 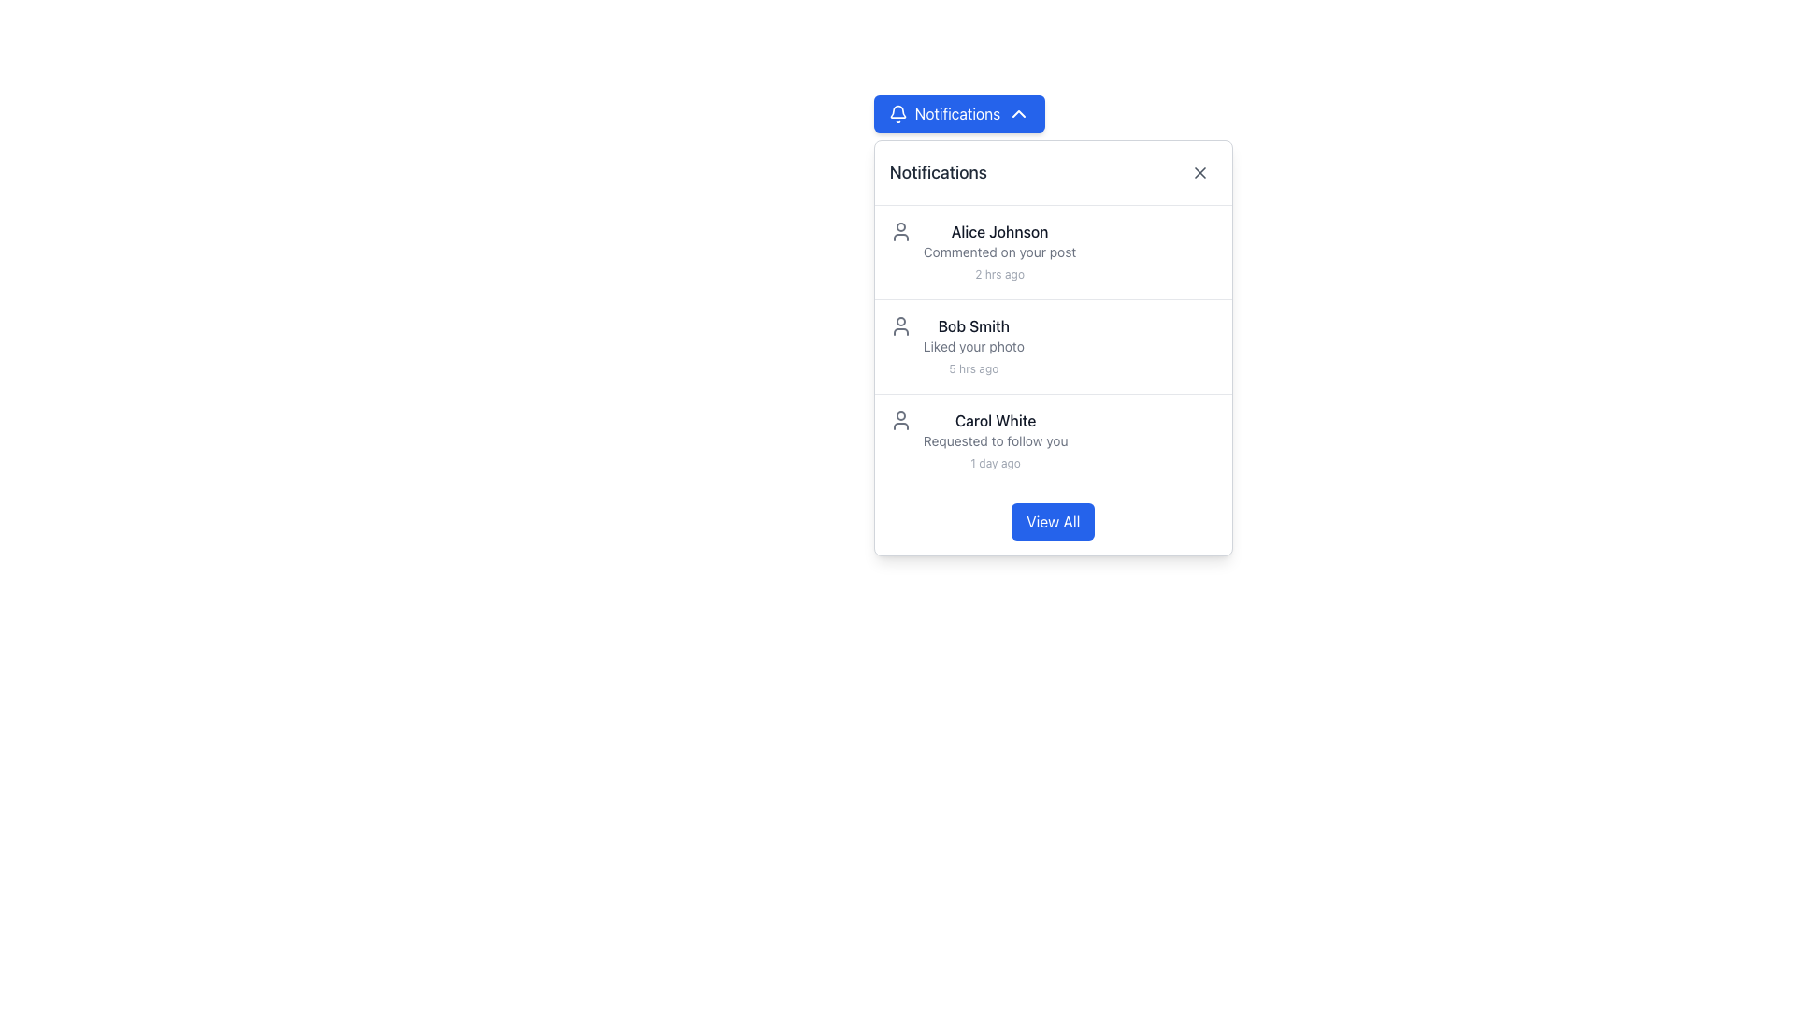 What do you see at coordinates (998, 274) in the screenshot?
I see `time information displayed in the Text label, which shows the relative time elapsed since the notification was generated` at bounding box center [998, 274].